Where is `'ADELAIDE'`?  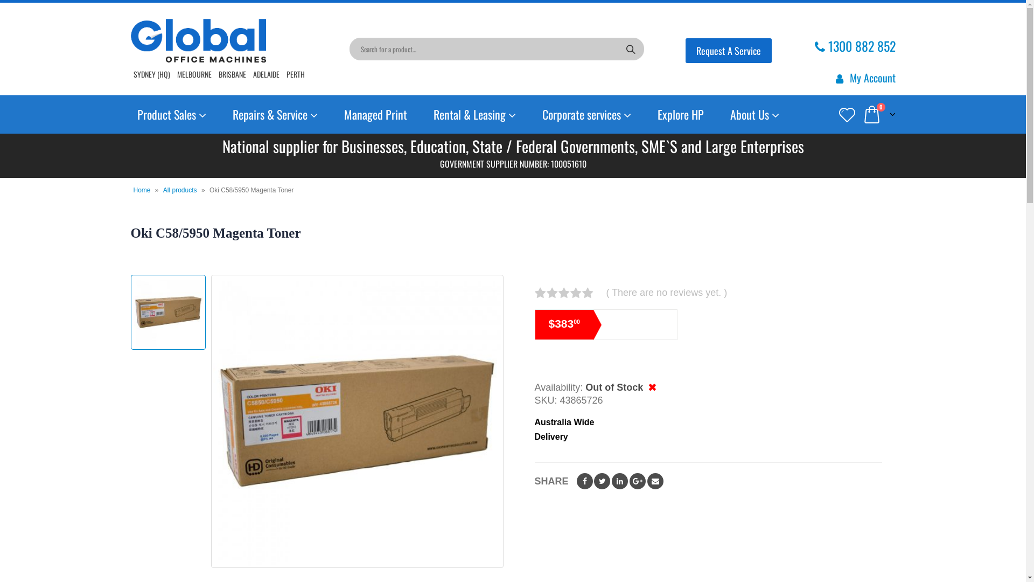 'ADELAIDE' is located at coordinates (253, 73).